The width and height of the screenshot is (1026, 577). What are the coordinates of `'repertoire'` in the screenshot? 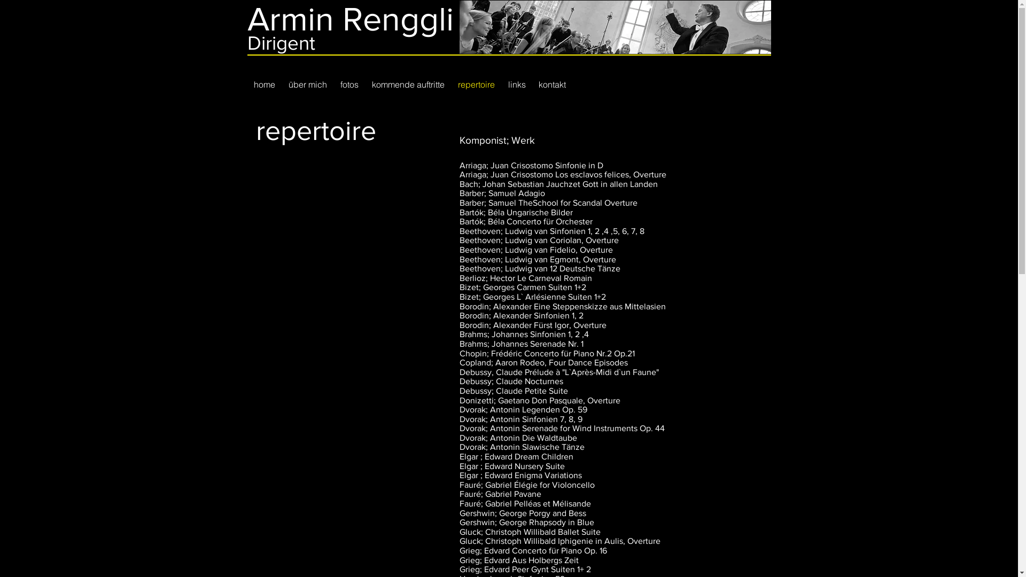 It's located at (476, 84).